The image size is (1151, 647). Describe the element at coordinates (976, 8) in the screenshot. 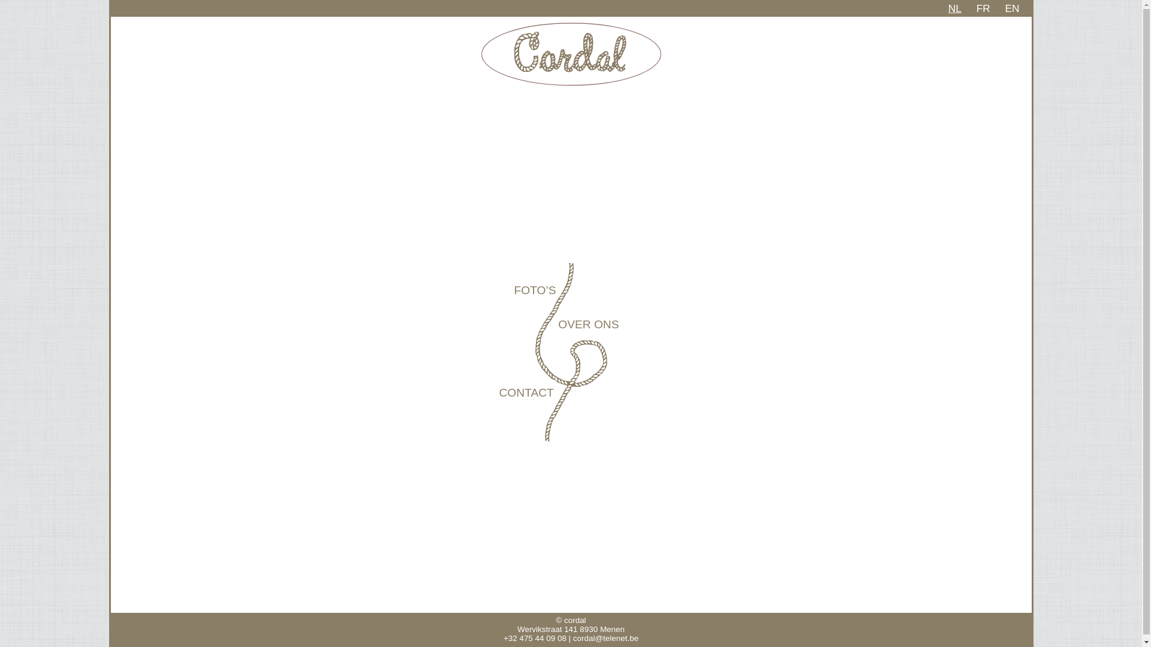

I see `'FR'` at that location.